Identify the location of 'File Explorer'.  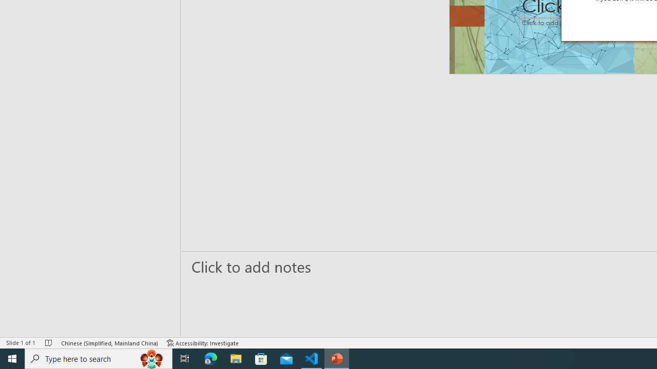
(236, 358).